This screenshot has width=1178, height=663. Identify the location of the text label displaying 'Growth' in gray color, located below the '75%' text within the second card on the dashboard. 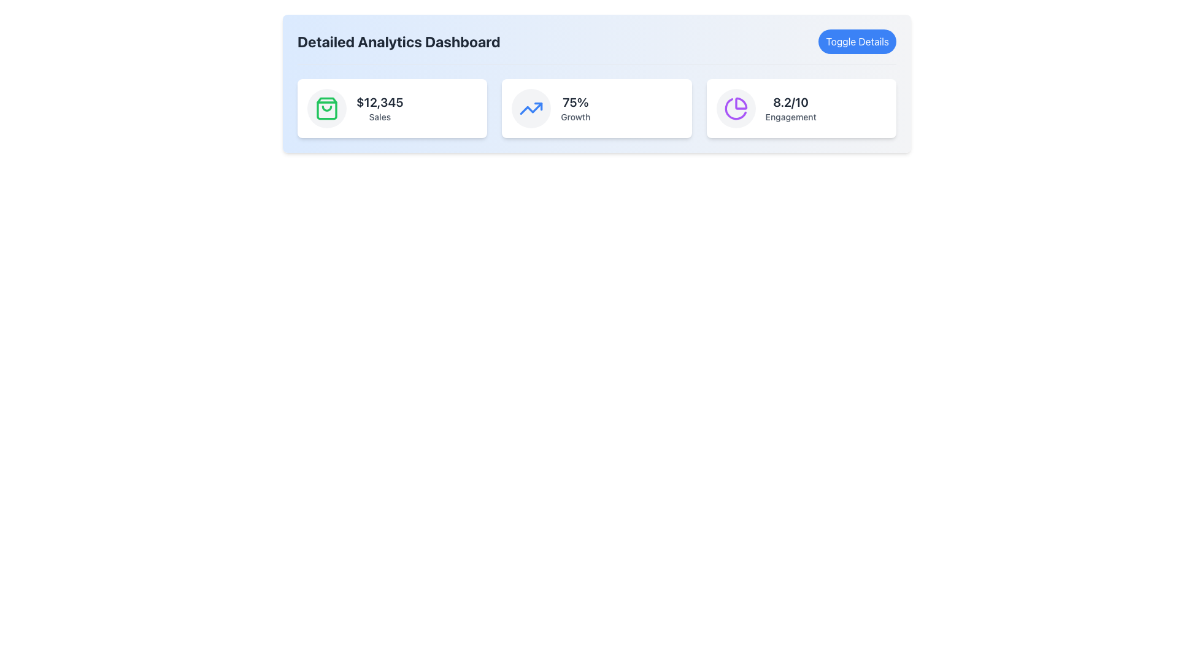
(575, 117).